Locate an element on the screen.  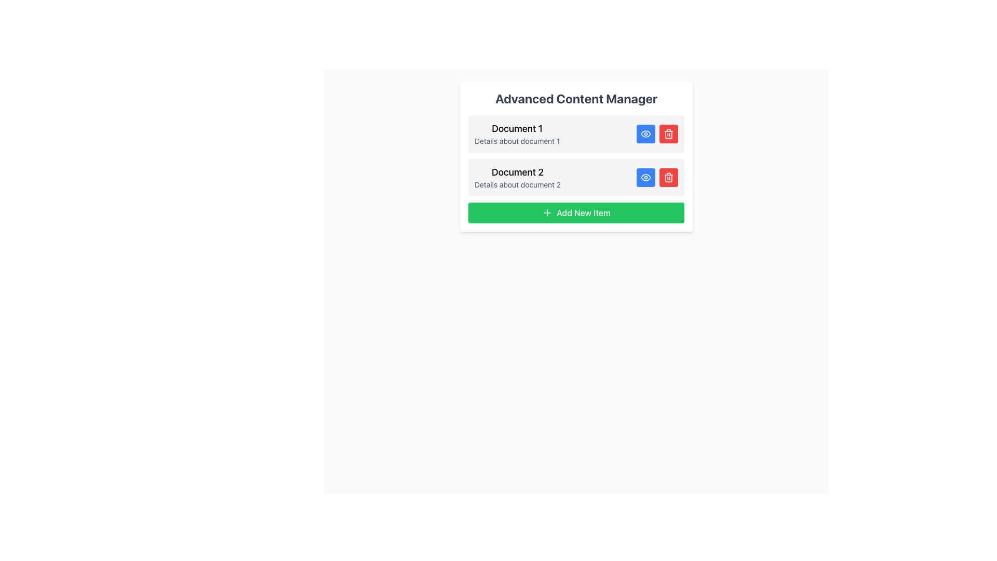
the Text Display element that describes 'Document 1', which is the first item in a vertically stacked list of documents is located at coordinates (517, 133).